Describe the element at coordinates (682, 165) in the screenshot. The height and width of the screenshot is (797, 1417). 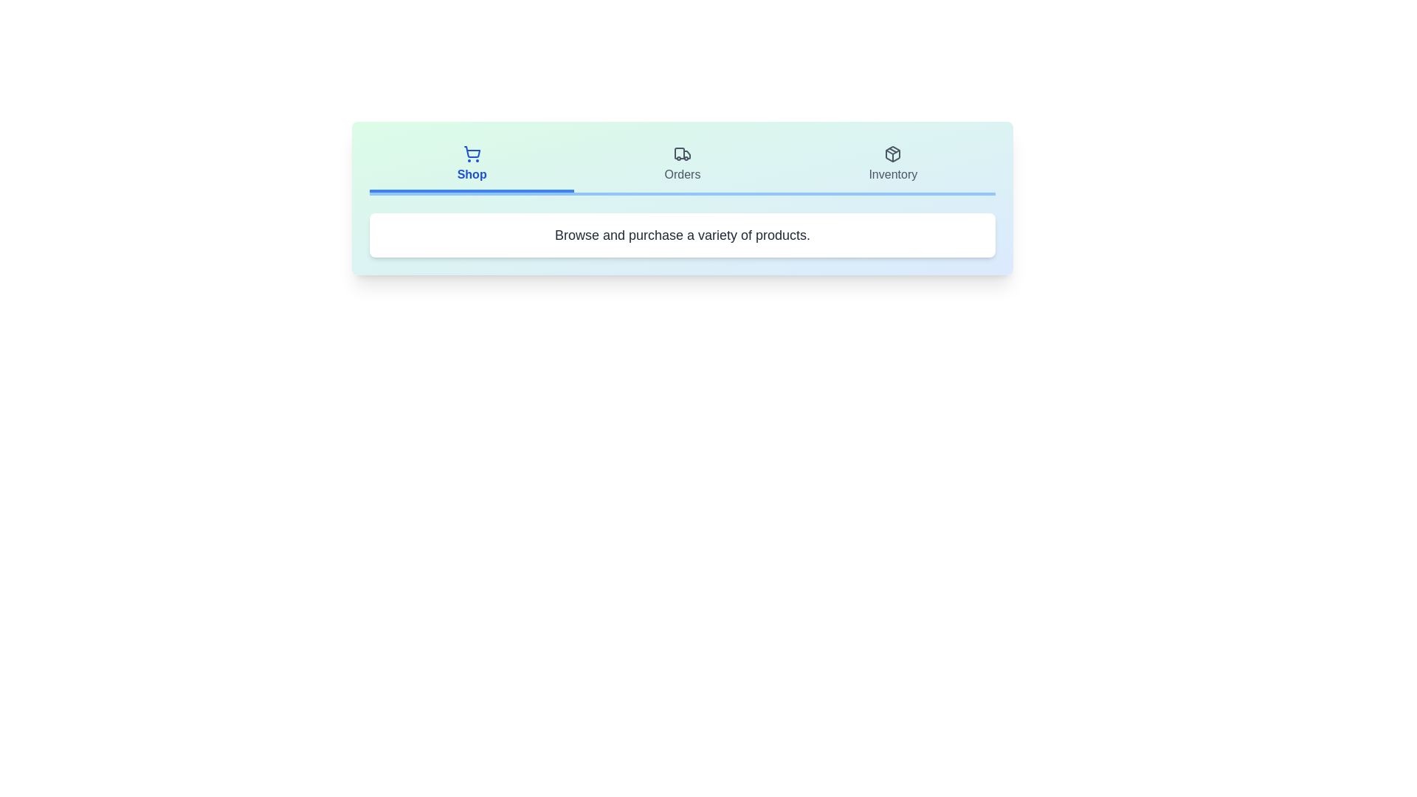
I see `the tab item corresponding to Orders` at that location.